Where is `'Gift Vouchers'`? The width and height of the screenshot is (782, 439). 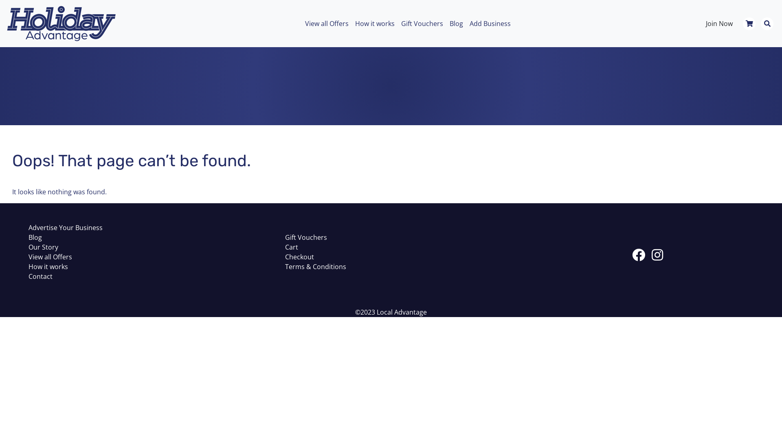 'Gift Vouchers' is located at coordinates (422, 23).